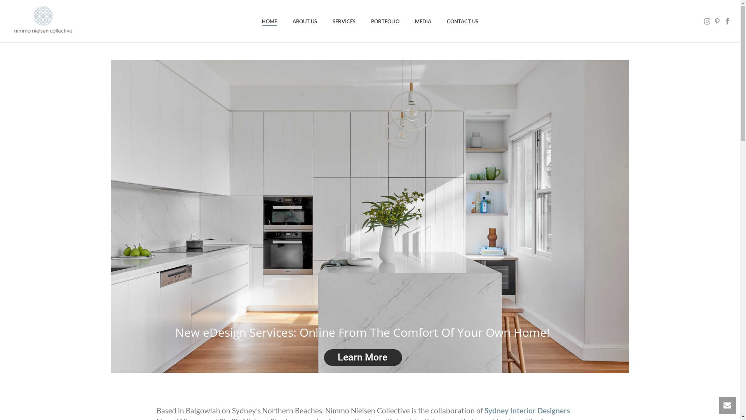 The height and width of the screenshot is (420, 746). I want to click on 'CONTACT US', so click(462, 21).